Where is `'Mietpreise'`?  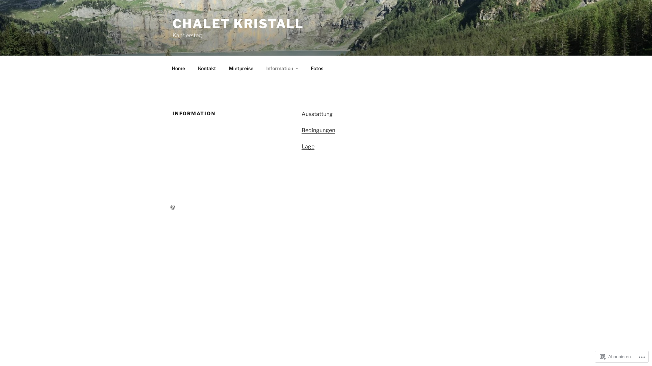 'Mietpreise' is located at coordinates (241, 68).